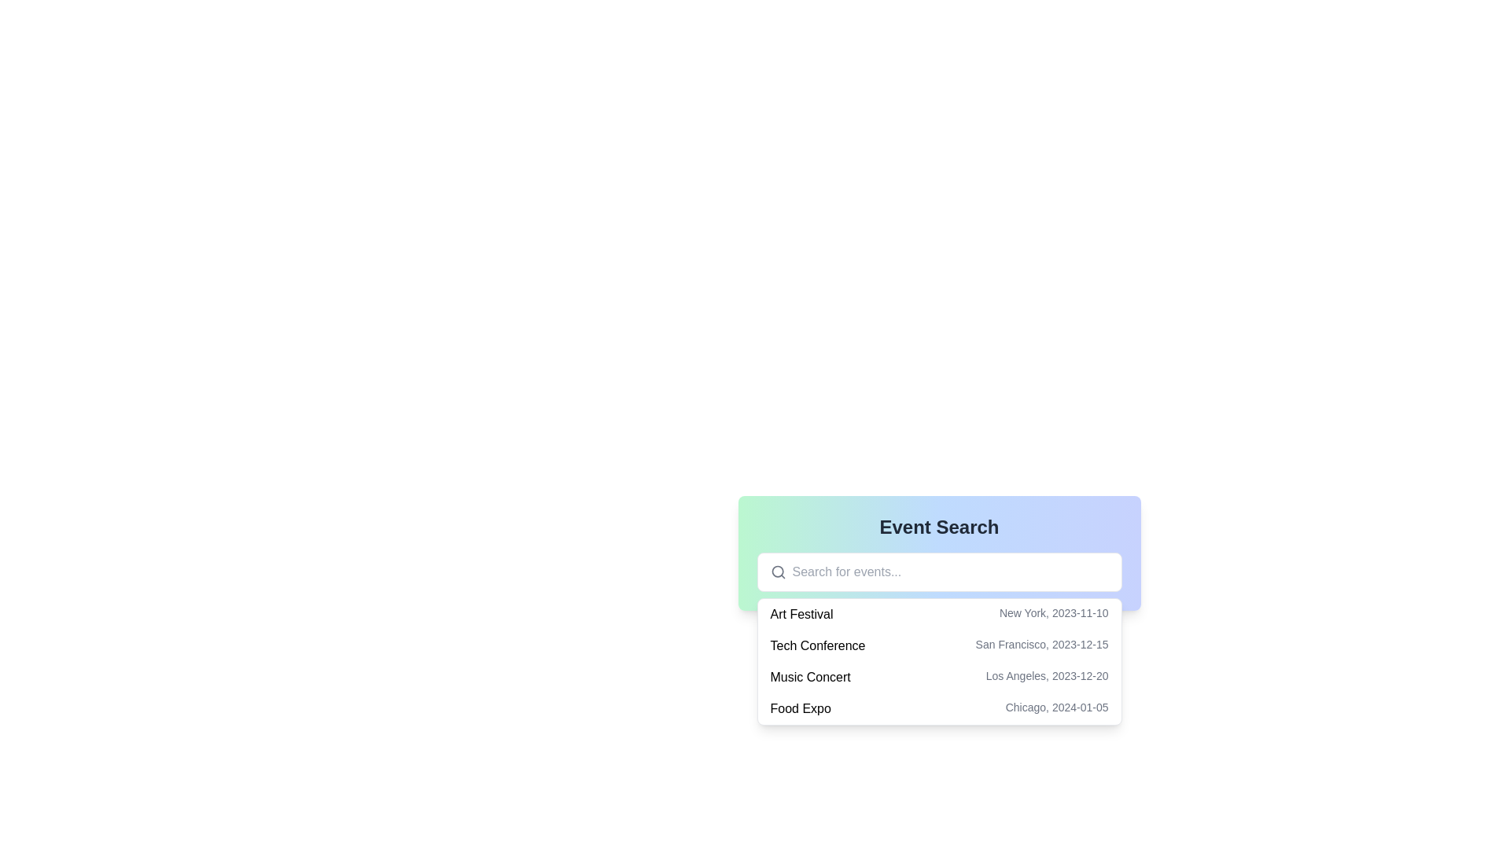 This screenshot has width=1510, height=849. Describe the element at coordinates (939, 676) in the screenshot. I see `the third item in the dropdown menu that displays 'Music Concert' and 'Los Angeles, 2023-12-20'` at that location.